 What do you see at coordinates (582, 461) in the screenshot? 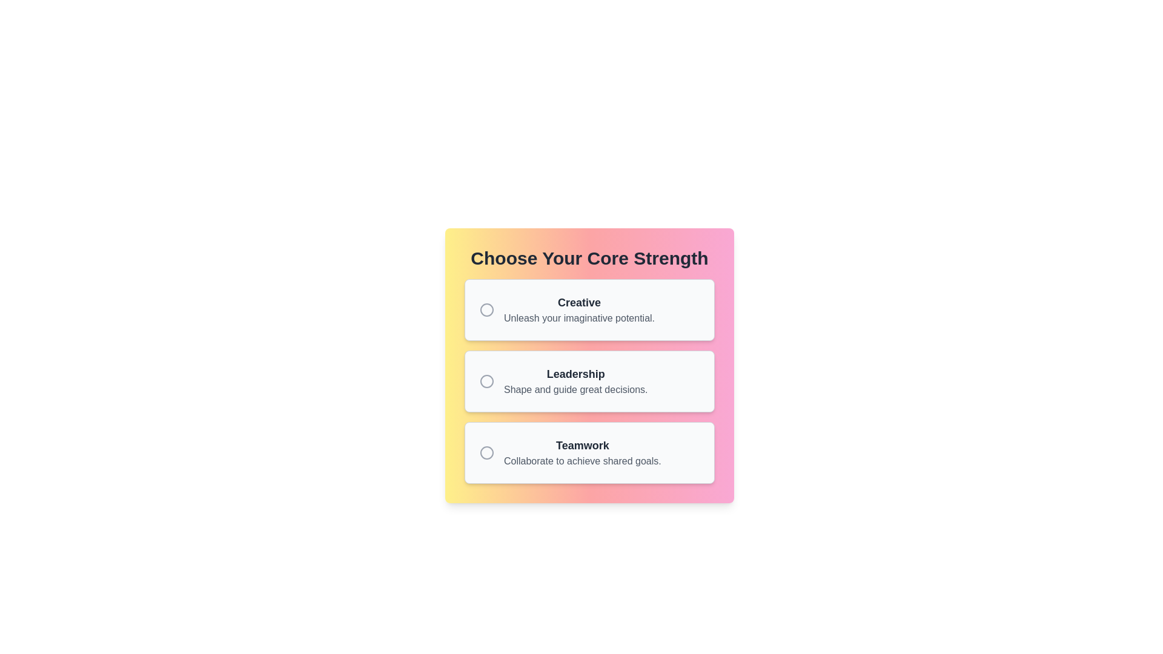
I see `text element displaying 'Collaborate to achieve shared goals.' located below the bold header 'Teamwork' in the bottommost card of a vertically stacked list` at bounding box center [582, 461].